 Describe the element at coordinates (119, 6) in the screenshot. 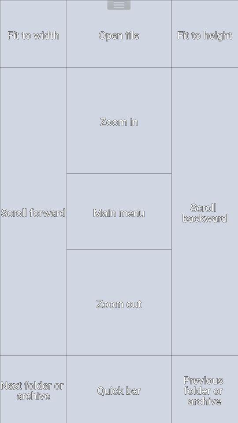

I see `shows the menu option` at that location.